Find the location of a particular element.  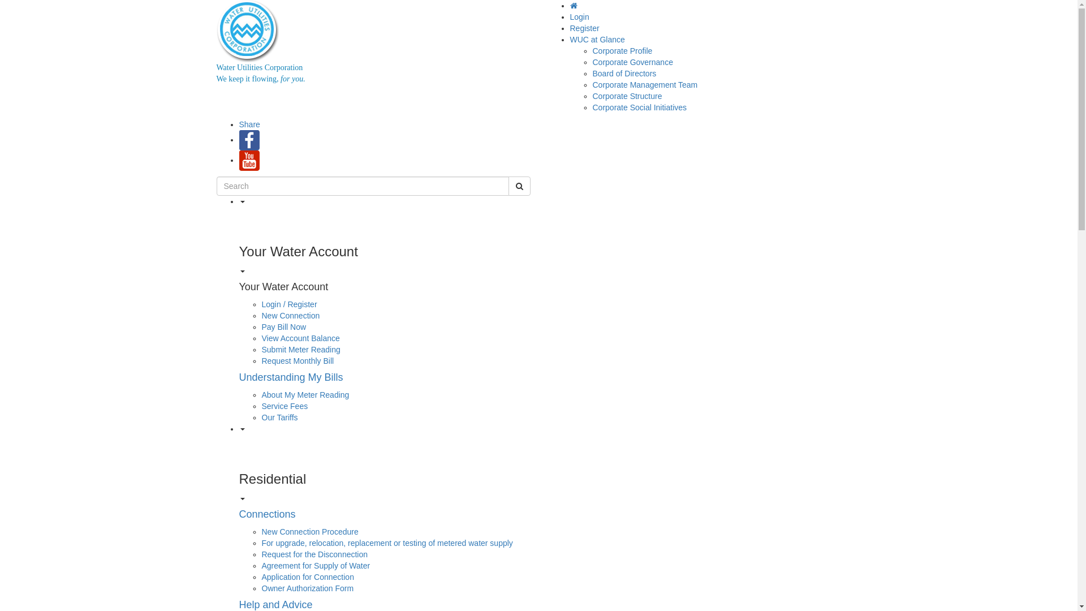

'Corporate Structure' is located at coordinates (592, 95).